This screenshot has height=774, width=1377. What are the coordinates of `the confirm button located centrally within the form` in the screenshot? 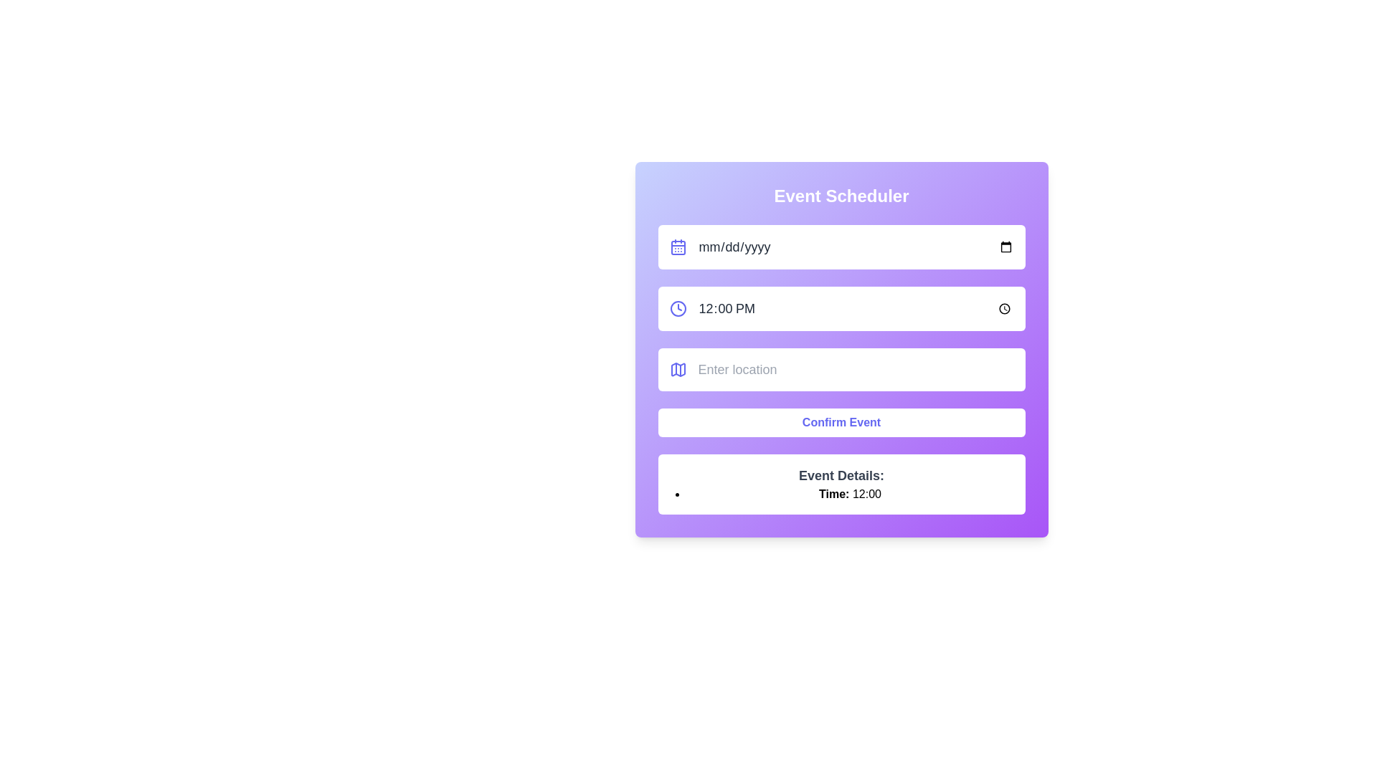 It's located at (841, 422).